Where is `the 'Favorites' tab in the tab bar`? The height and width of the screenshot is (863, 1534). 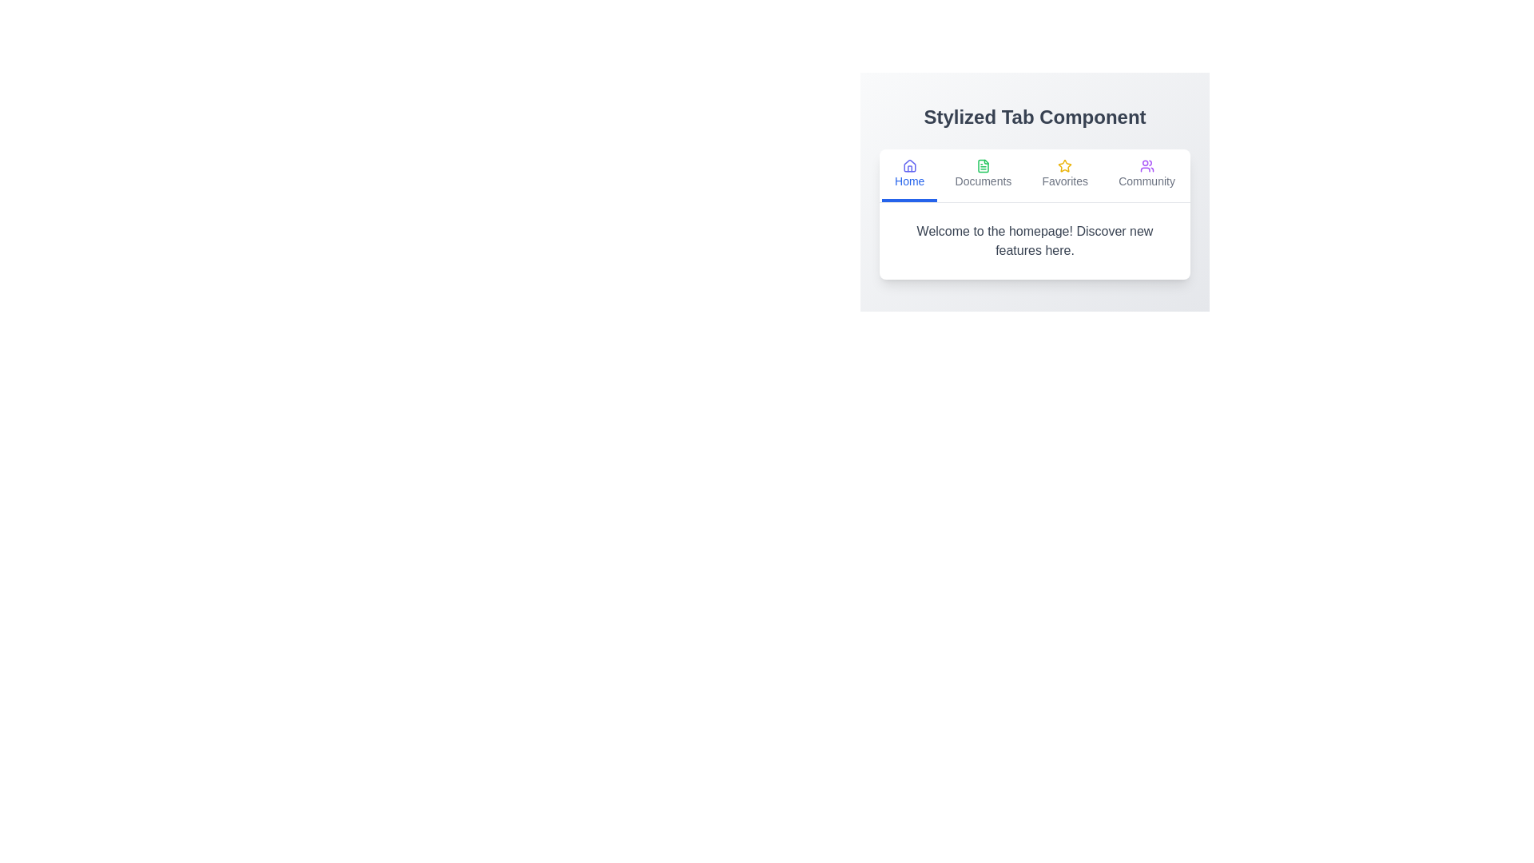 the 'Favorites' tab in the tab bar is located at coordinates (1065, 175).